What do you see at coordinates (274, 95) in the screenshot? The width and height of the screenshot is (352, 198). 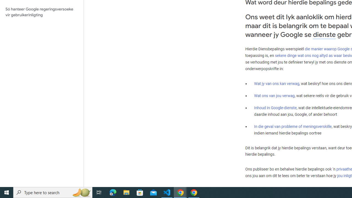 I see `'Wat ons van jou verwag'` at bounding box center [274, 95].